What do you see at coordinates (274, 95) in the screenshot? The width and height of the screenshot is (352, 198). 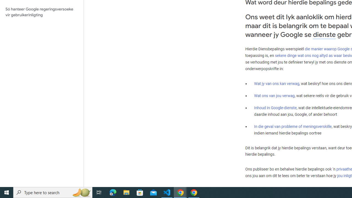 I see `'Wat ons van jou verwag'` at bounding box center [274, 95].